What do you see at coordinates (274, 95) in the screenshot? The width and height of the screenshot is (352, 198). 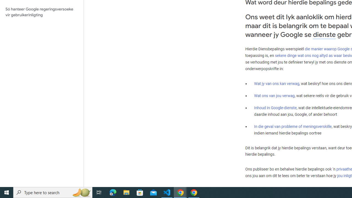 I see `'Wat ons van jou verwag'` at bounding box center [274, 95].